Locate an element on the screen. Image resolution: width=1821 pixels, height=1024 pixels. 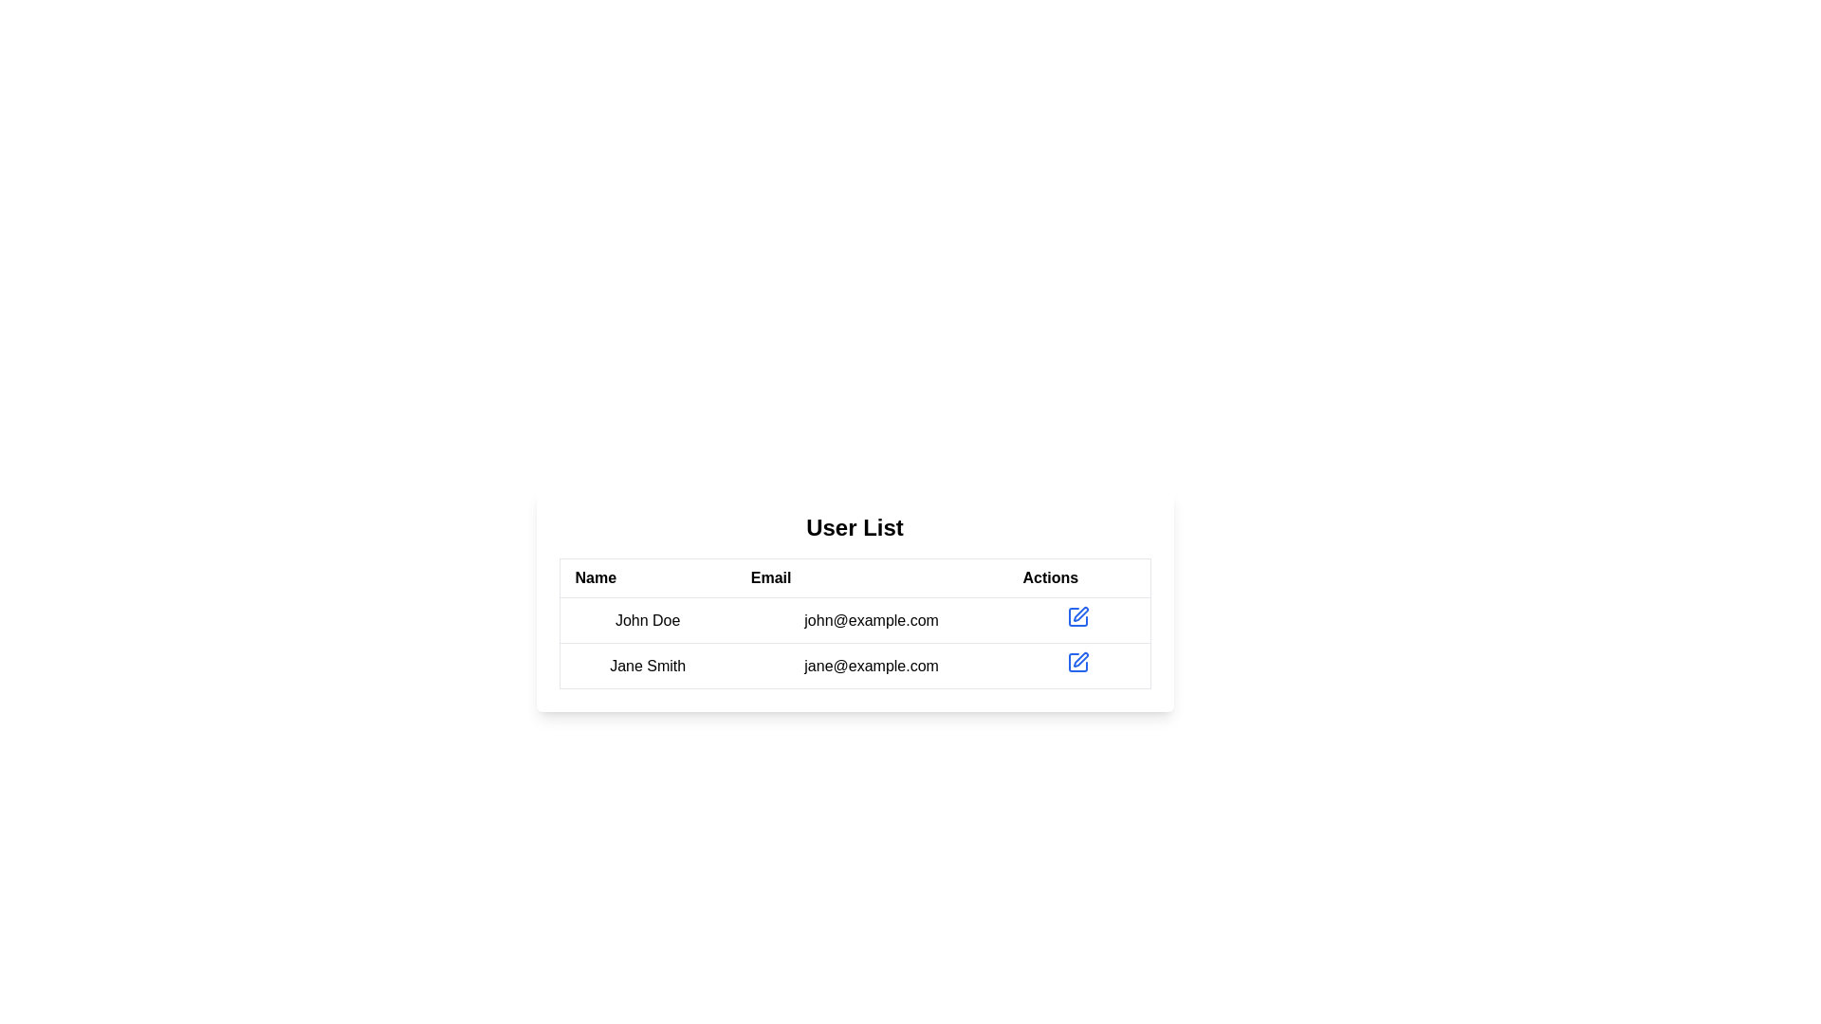
name identifier located in the first row and first column of the user list table, which is positioned next to the email address 'john@example.com.' is located at coordinates (647, 620).